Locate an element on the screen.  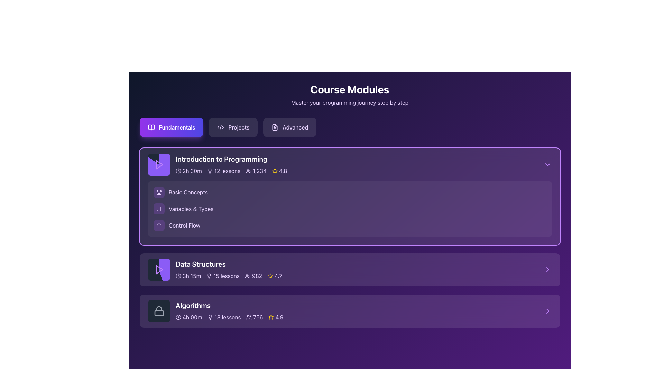
the user icon located within the 'Algorithms' course card, positioned directly to the left of the '756' text indicating the number of users is located at coordinates (249, 317).